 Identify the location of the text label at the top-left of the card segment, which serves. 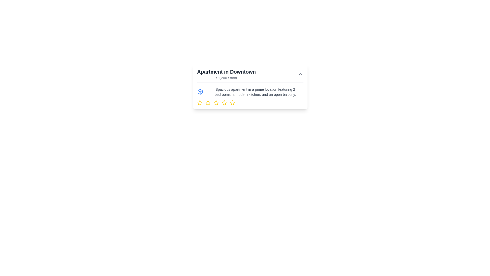
(226, 72).